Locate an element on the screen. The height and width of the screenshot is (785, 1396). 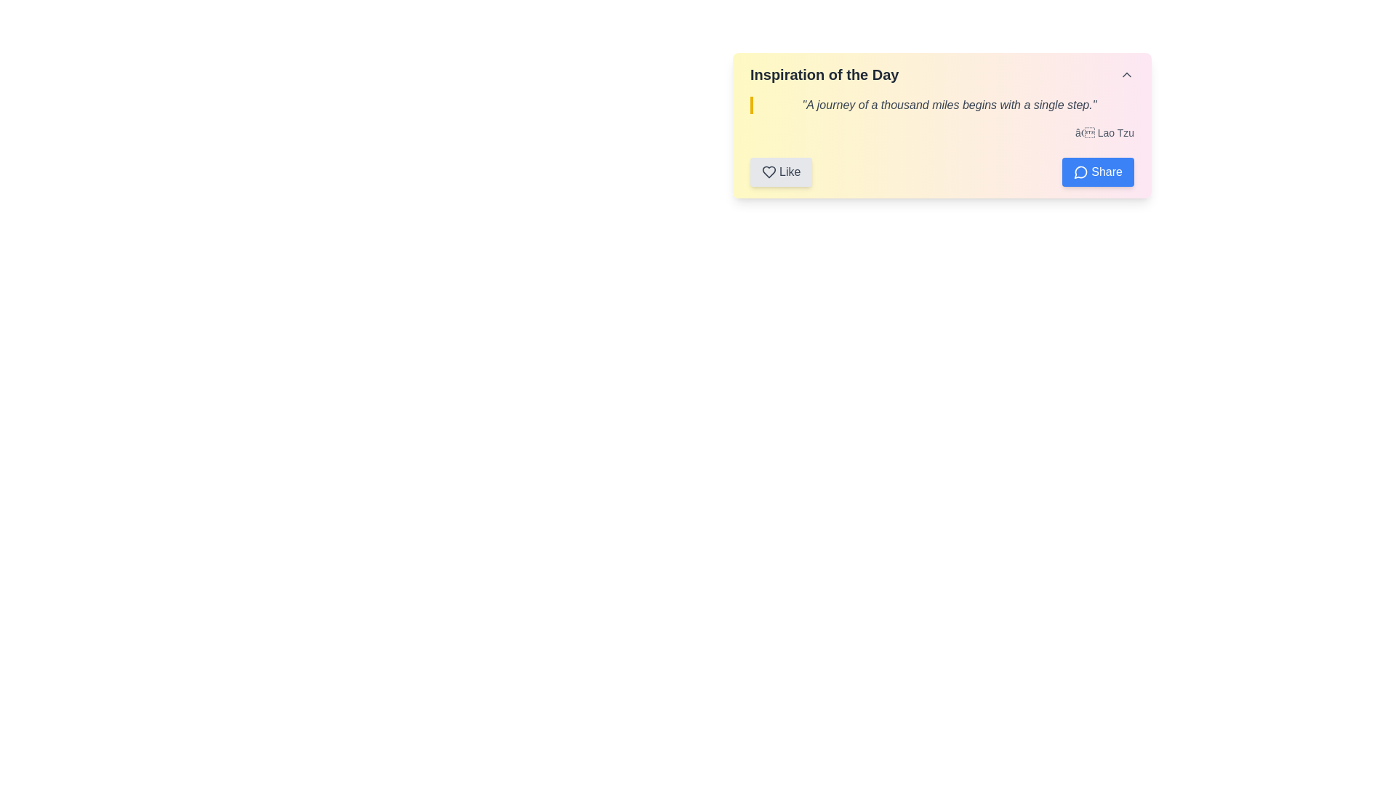
the icon within the 'Share' button, which features a circular speech bubble with a message symbol and is located at the bottom-right corner of the 'Inspiration of the Day' panel is located at coordinates (1080, 172).